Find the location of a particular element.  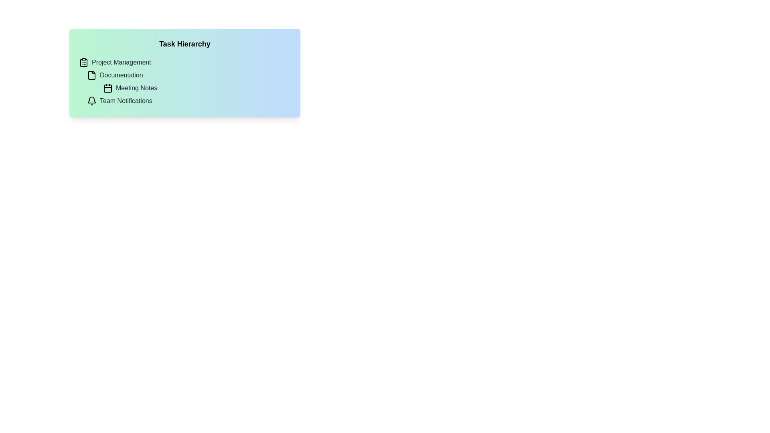

the bell icon representing notifications, which is located adjacent to the text 'Team Notifications' within the 'Task Hierarchy' list is located at coordinates (92, 100).